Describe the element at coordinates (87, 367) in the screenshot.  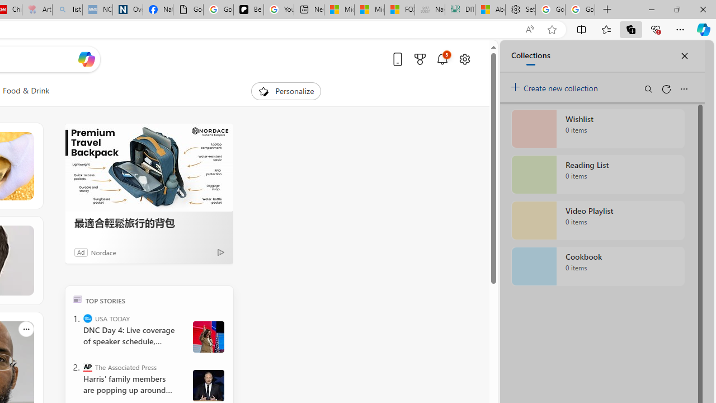
I see `'The Associated Press'` at that location.